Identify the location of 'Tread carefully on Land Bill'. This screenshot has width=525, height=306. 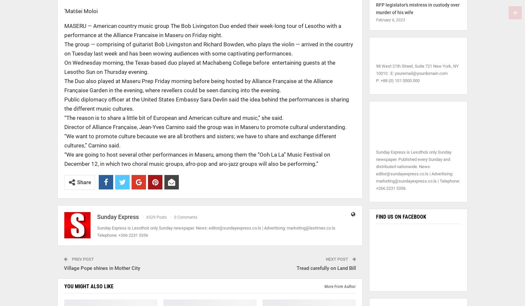
(325, 268).